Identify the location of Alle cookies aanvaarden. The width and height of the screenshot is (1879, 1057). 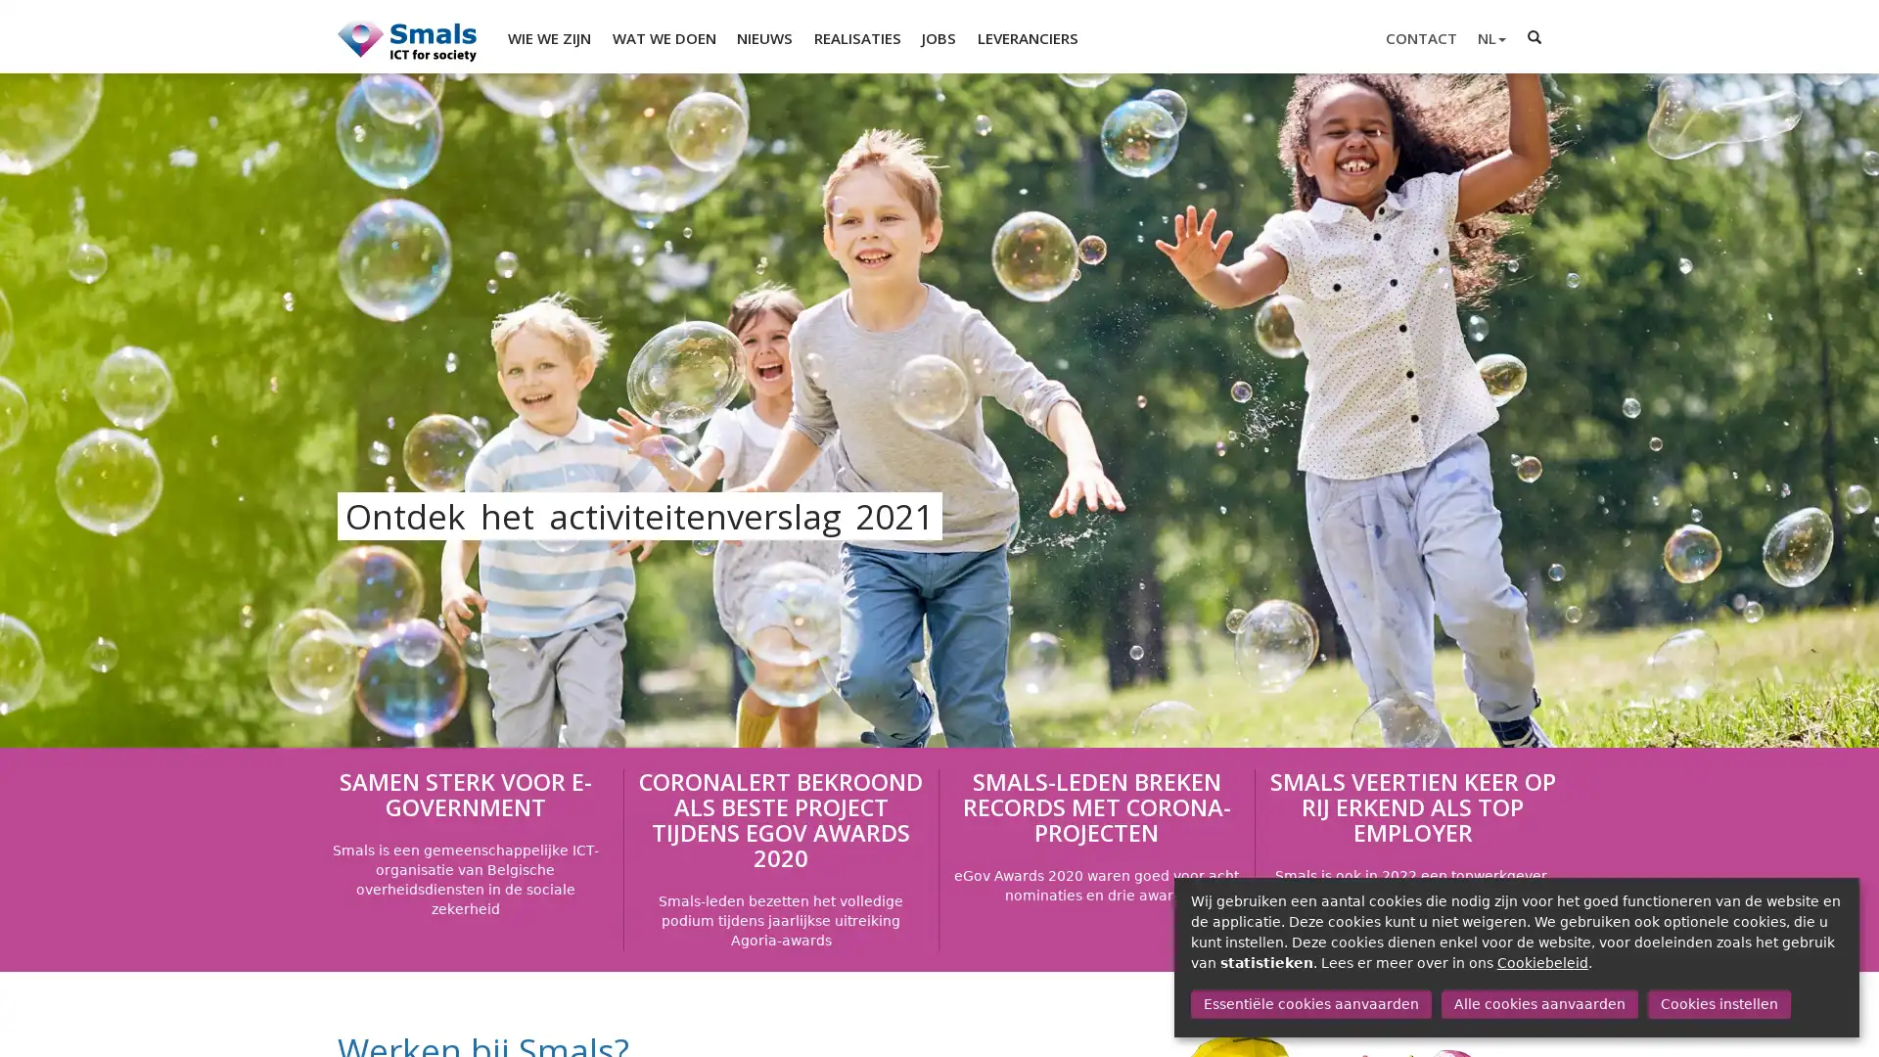
(1537, 1004).